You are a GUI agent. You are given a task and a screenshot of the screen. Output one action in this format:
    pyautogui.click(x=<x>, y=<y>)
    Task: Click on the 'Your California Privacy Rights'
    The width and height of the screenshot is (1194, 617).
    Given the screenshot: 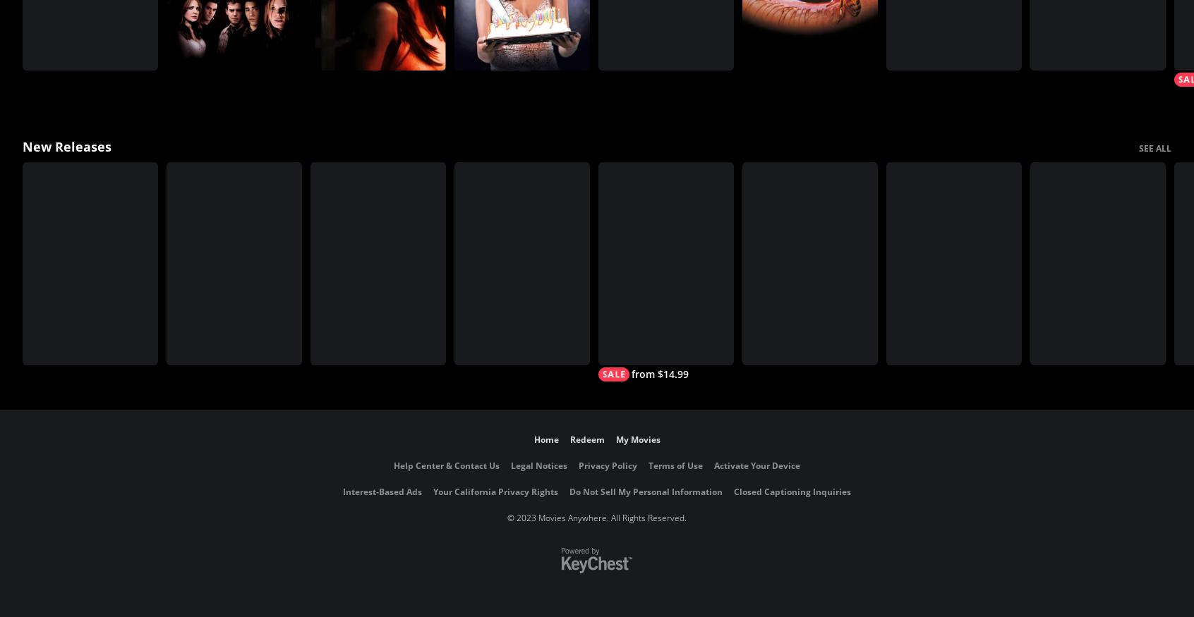 What is the action you would take?
    pyautogui.click(x=495, y=491)
    